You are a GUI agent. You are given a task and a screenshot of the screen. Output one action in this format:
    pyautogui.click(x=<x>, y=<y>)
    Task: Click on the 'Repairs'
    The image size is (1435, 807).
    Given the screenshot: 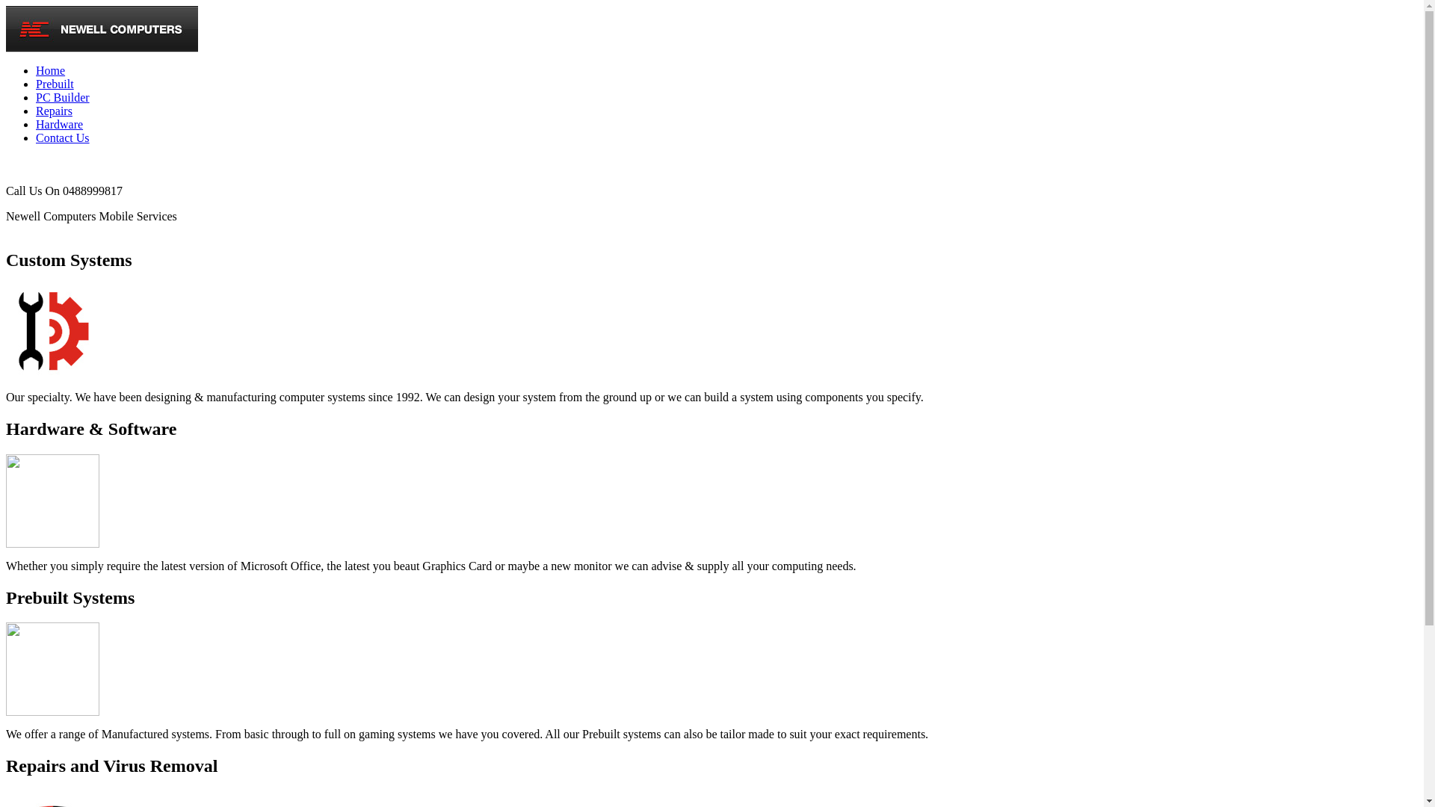 What is the action you would take?
    pyautogui.click(x=54, y=110)
    